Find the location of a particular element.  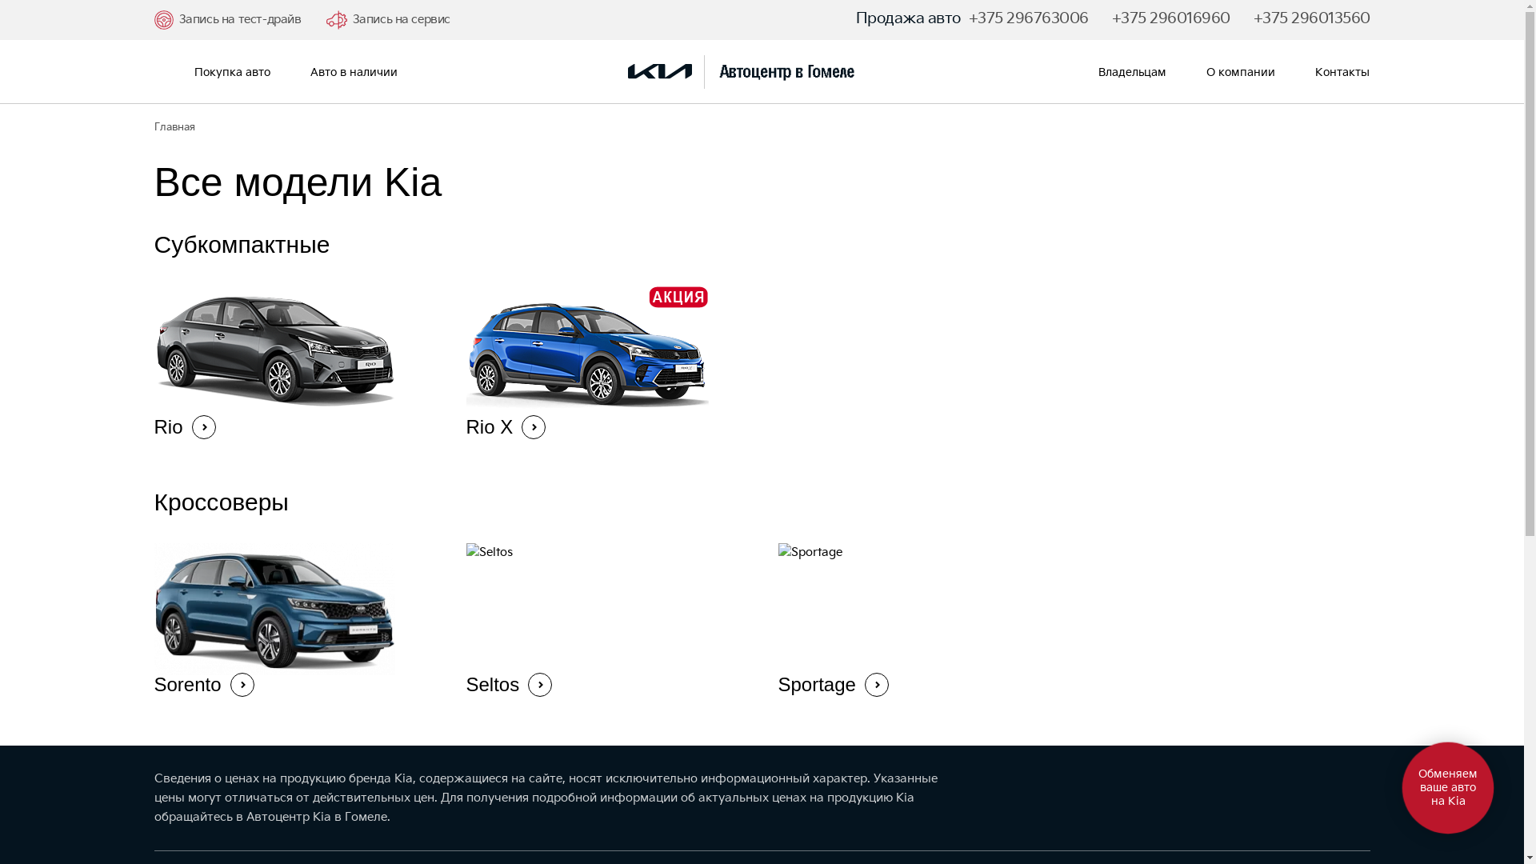

'+375 296013560' is located at coordinates (1310, 18).